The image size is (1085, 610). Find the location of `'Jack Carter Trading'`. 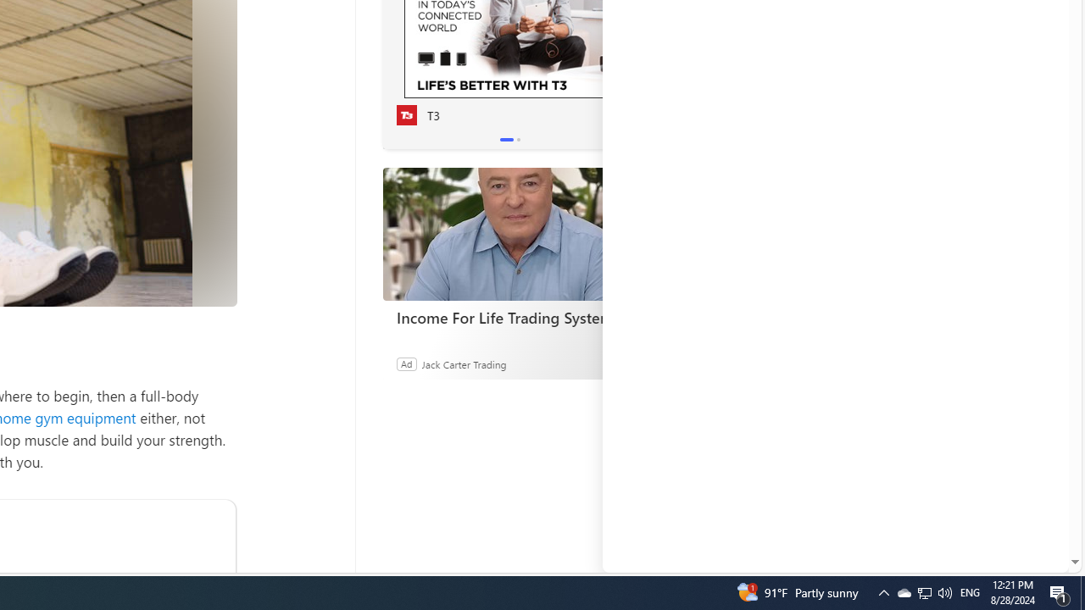

'Jack Carter Trading' is located at coordinates (464, 363).